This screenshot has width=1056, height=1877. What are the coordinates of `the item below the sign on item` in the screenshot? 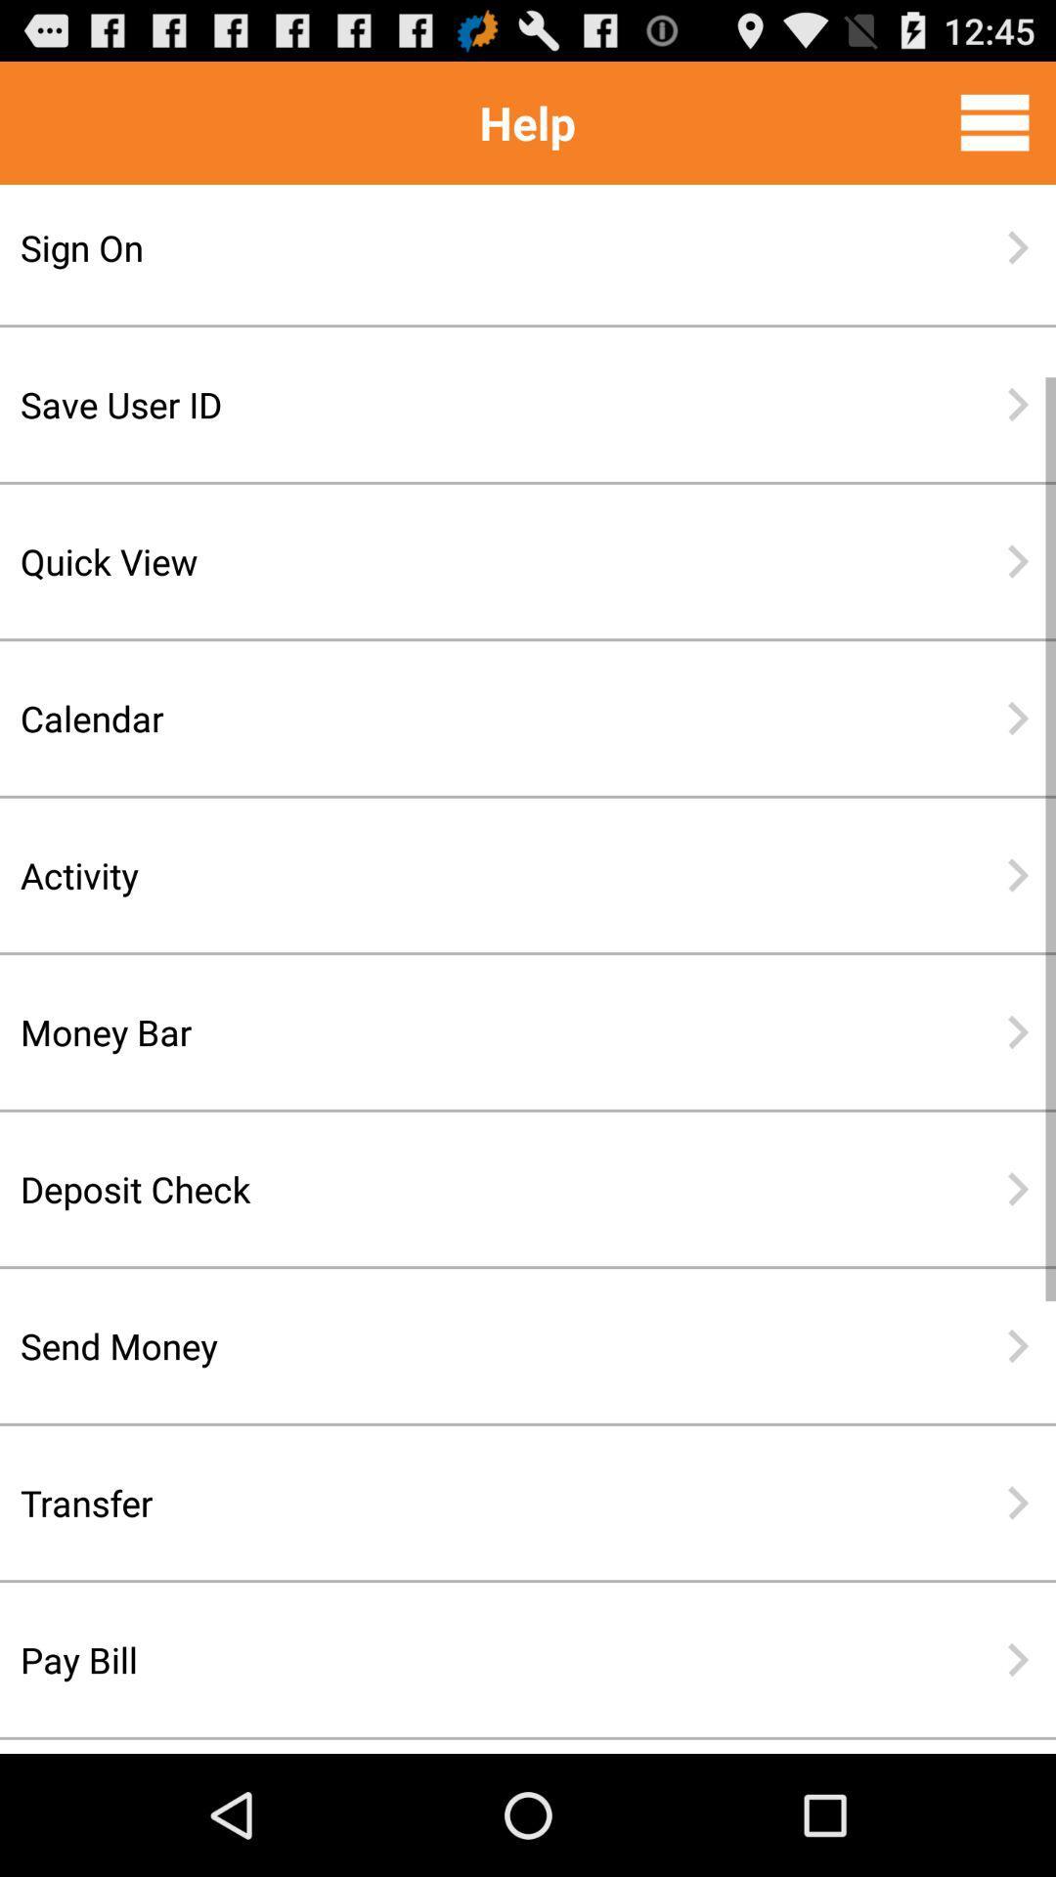 It's located at (464, 403).